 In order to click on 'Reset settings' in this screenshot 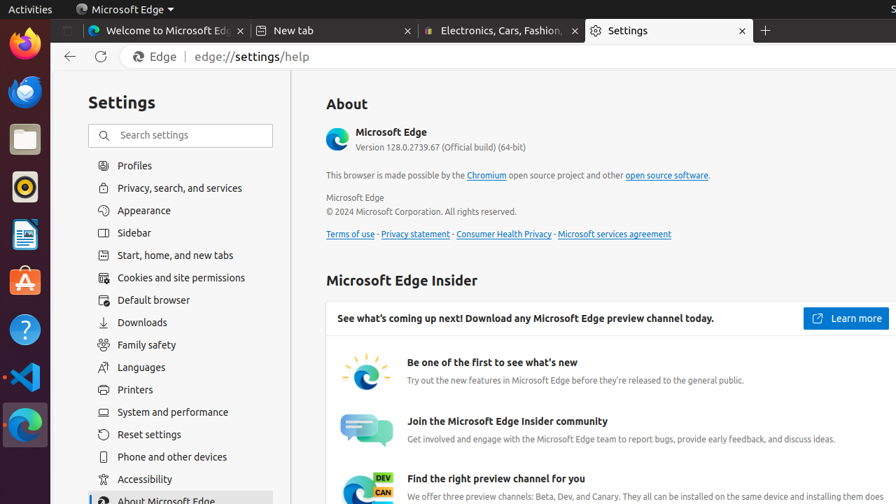, I will do `click(180, 434)`.